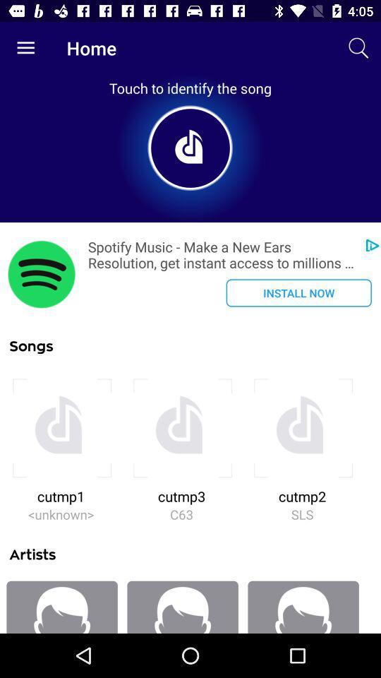 The width and height of the screenshot is (381, 678). What do you see at coordinates (42, 273) in the screenshot?
I see `icon next to the spotify music make icon` at bounding box center [42, 273].